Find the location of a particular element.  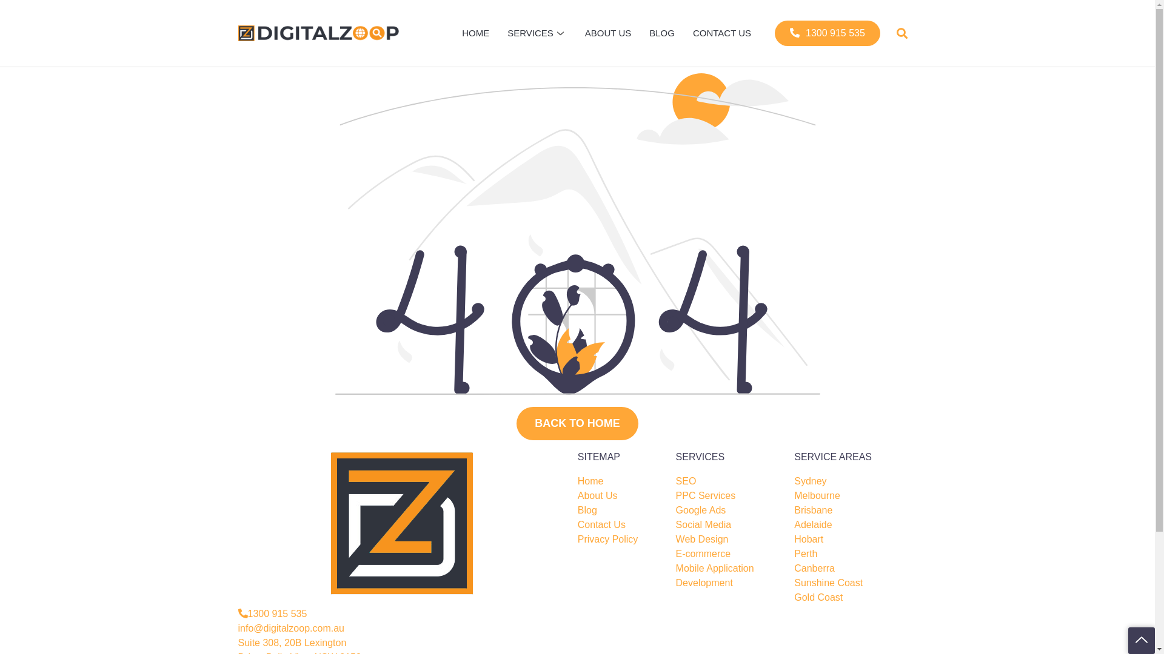

'info@digitalzoop.com.au' is located at coordinates (290, 627).